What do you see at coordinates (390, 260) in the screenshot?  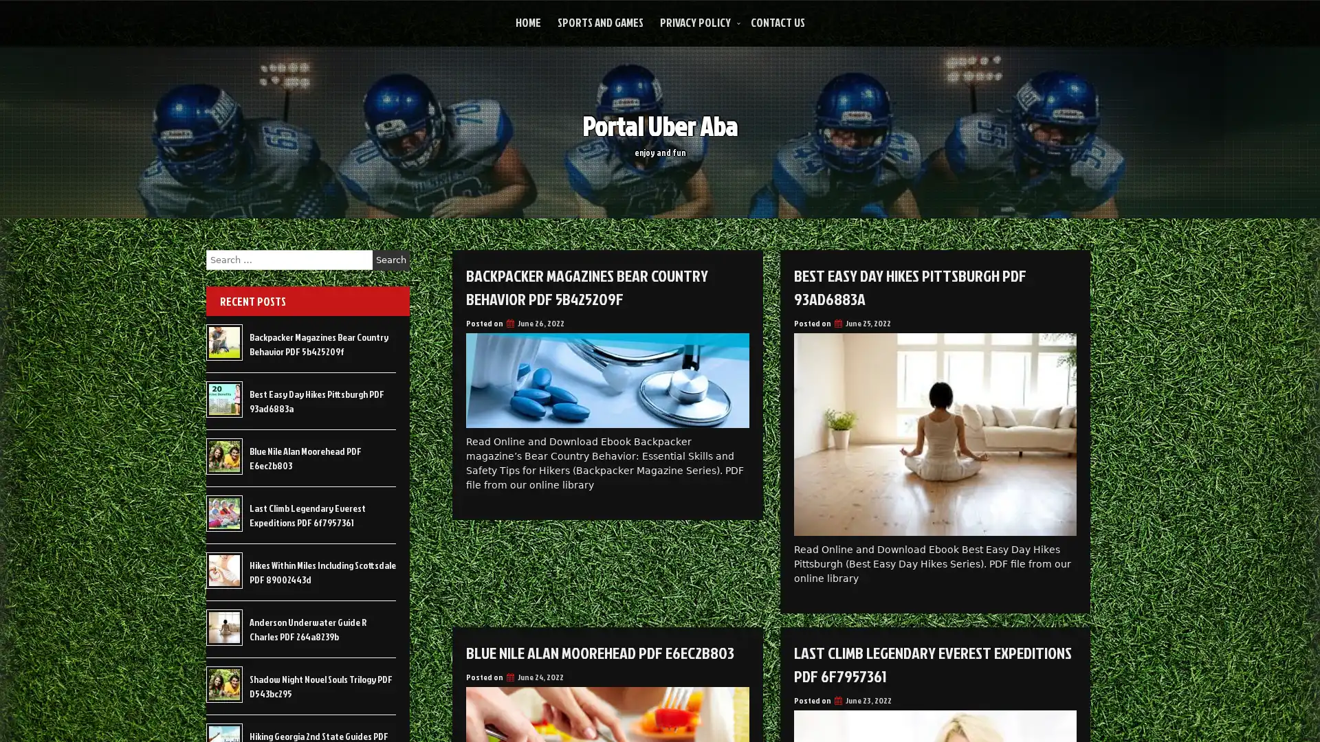 I see `Search` at bounding box center [390, 260].